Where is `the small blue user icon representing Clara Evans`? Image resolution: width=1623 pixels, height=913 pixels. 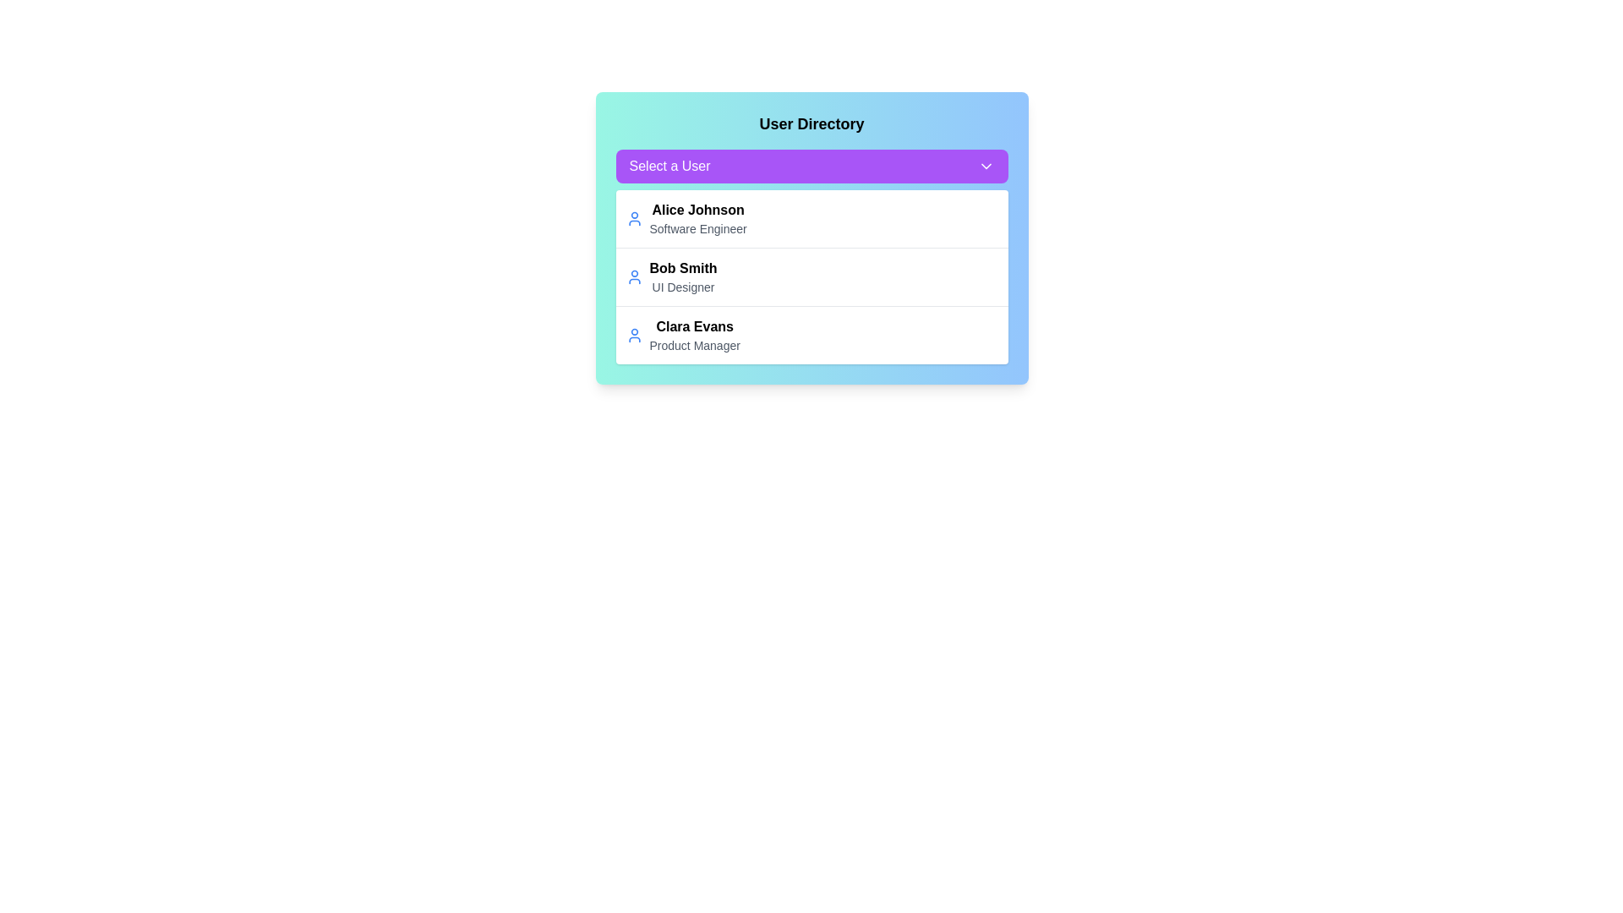
the small blue user icon representing Clara Evans is located at coordinates (633, 336).